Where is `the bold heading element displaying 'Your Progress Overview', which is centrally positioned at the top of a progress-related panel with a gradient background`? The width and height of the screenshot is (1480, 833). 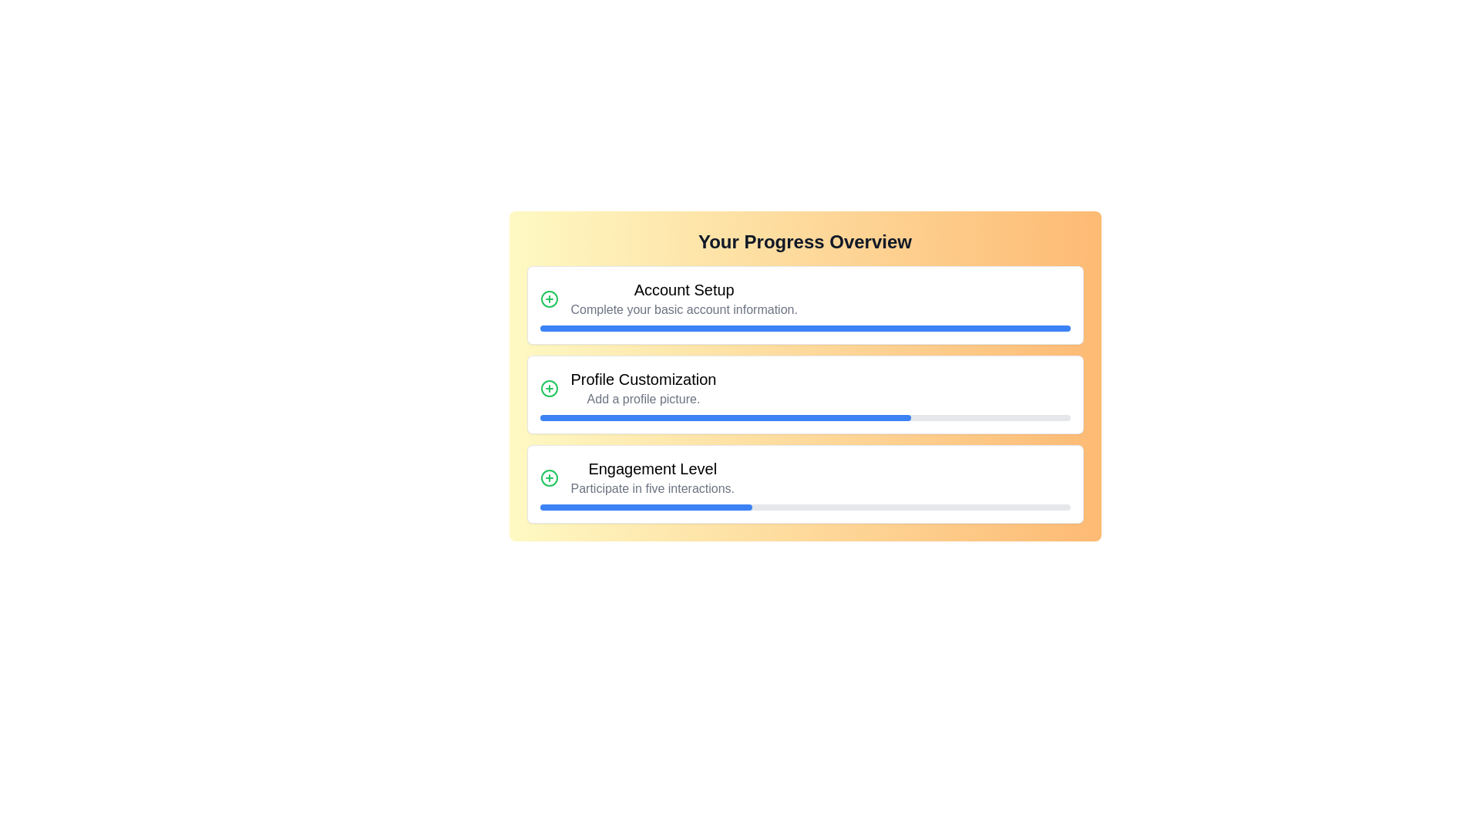
the bold heading element displaying 'Your Progress Overview', which is centrally positioned at the top of a progress-related panel with a gradient background is located at coordinates (804, 241).